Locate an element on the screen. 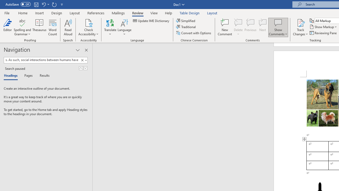  'Spelling and Grammar' is located at coordinates (22, 22).